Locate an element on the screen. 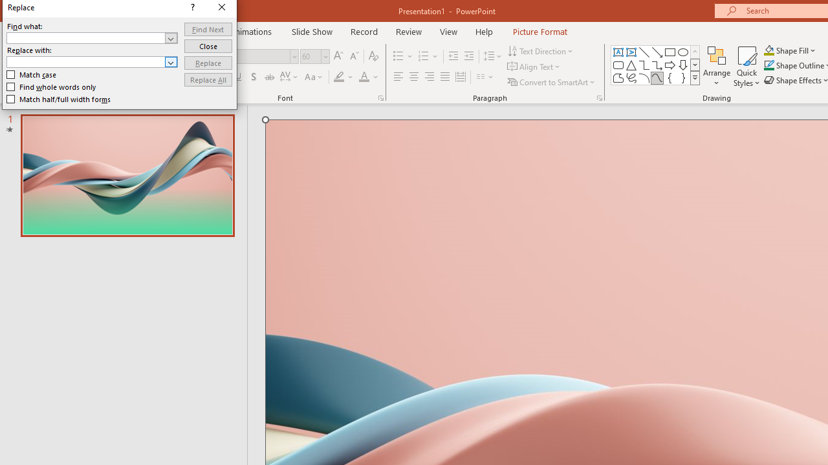 The image size is (828, 465). 'Arrow: Down' is located at coordinates (682, 65).